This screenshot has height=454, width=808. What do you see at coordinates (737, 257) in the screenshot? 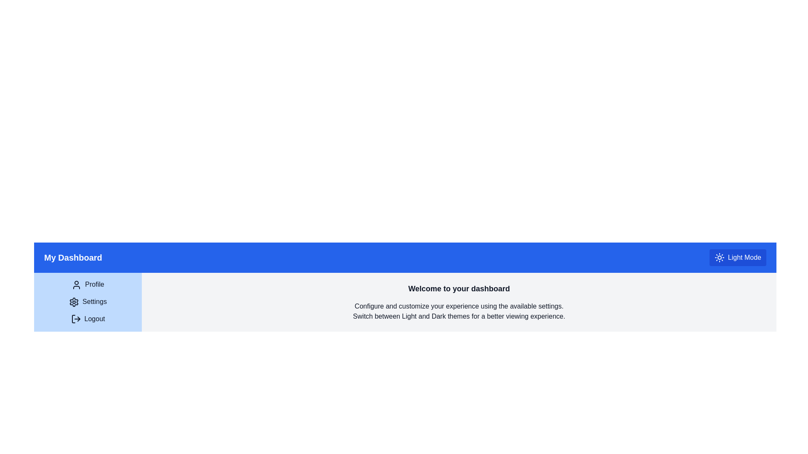
I see `the button in the top-right corner of the blue header titled 'My Dashboard'` at bounding box center [737, 257].